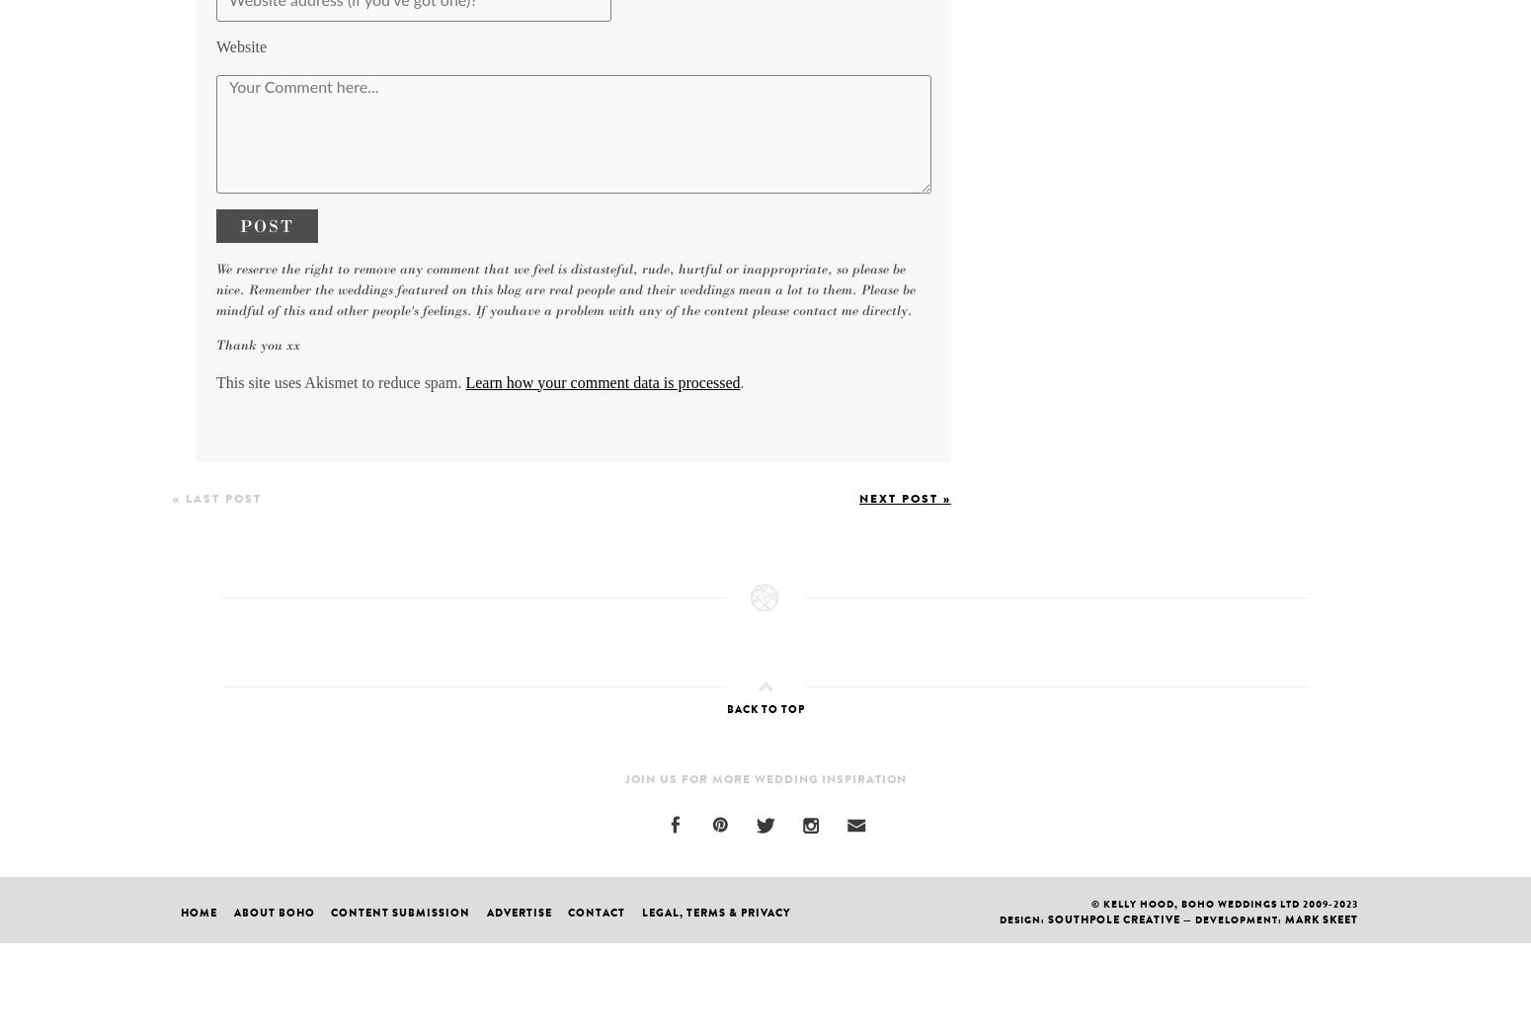  I want to click on 'Design:', so click(1023, 919).